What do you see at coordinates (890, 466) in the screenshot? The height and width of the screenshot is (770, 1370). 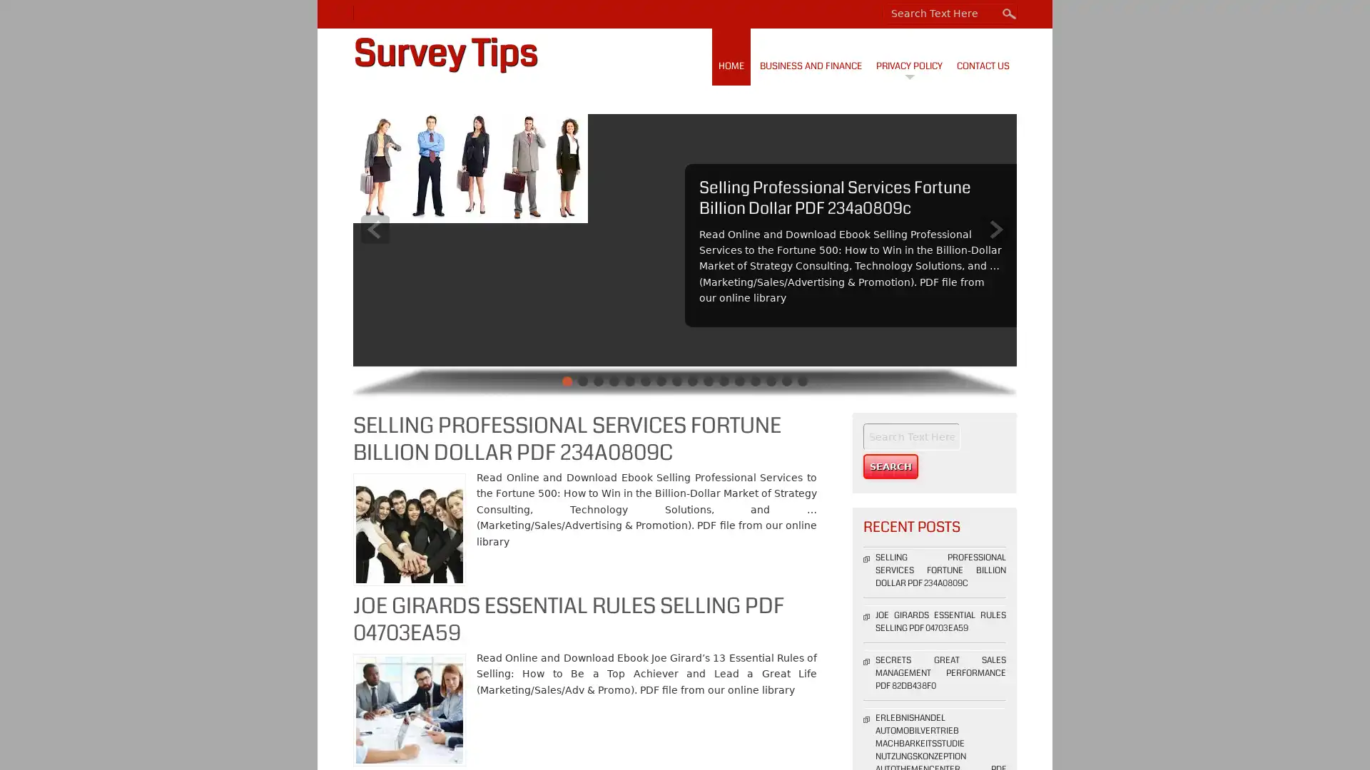 I see `Search` at bounding box center [890, 466].